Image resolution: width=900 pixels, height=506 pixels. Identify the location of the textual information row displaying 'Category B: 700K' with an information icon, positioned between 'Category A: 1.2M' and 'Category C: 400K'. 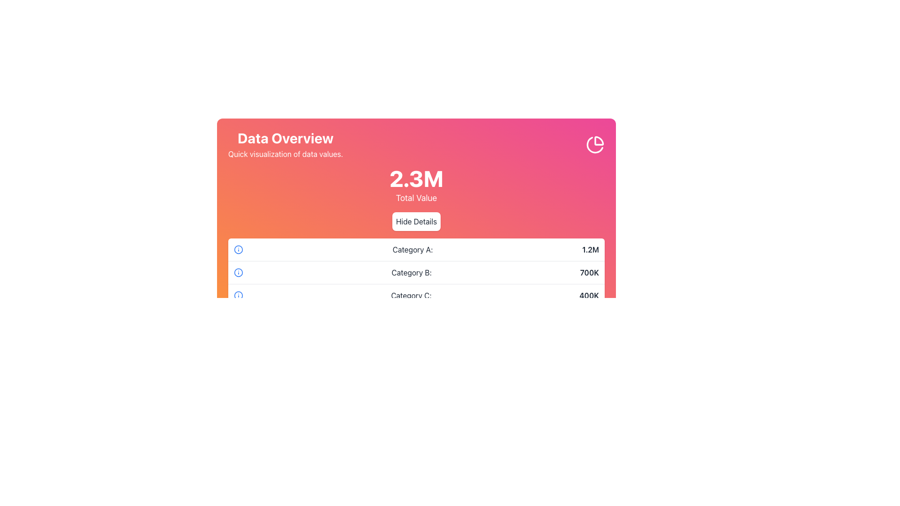
(416, 272).